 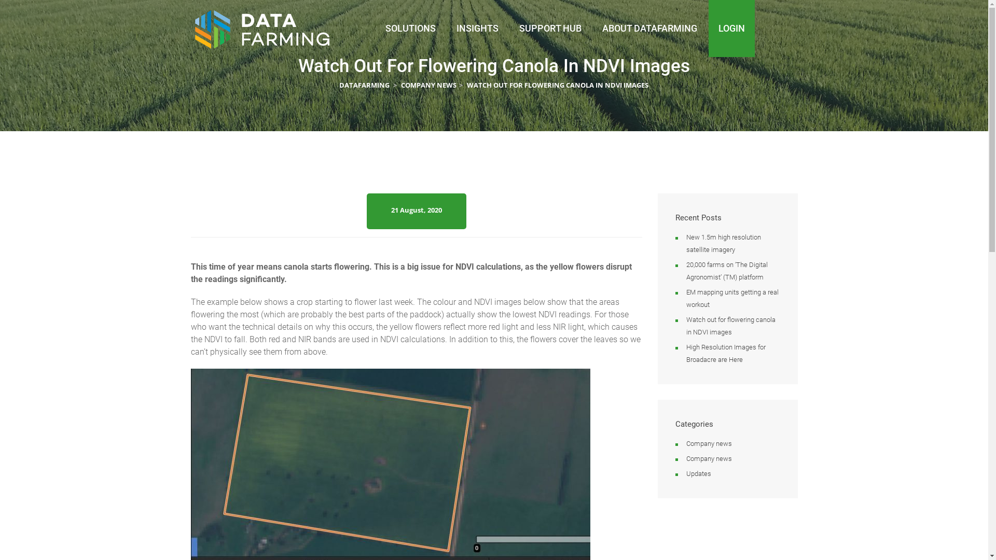 What do you see at coordinates (730, 27) in the screenshot?
I see `'LOGIN'` at bounding box center [730, 27].